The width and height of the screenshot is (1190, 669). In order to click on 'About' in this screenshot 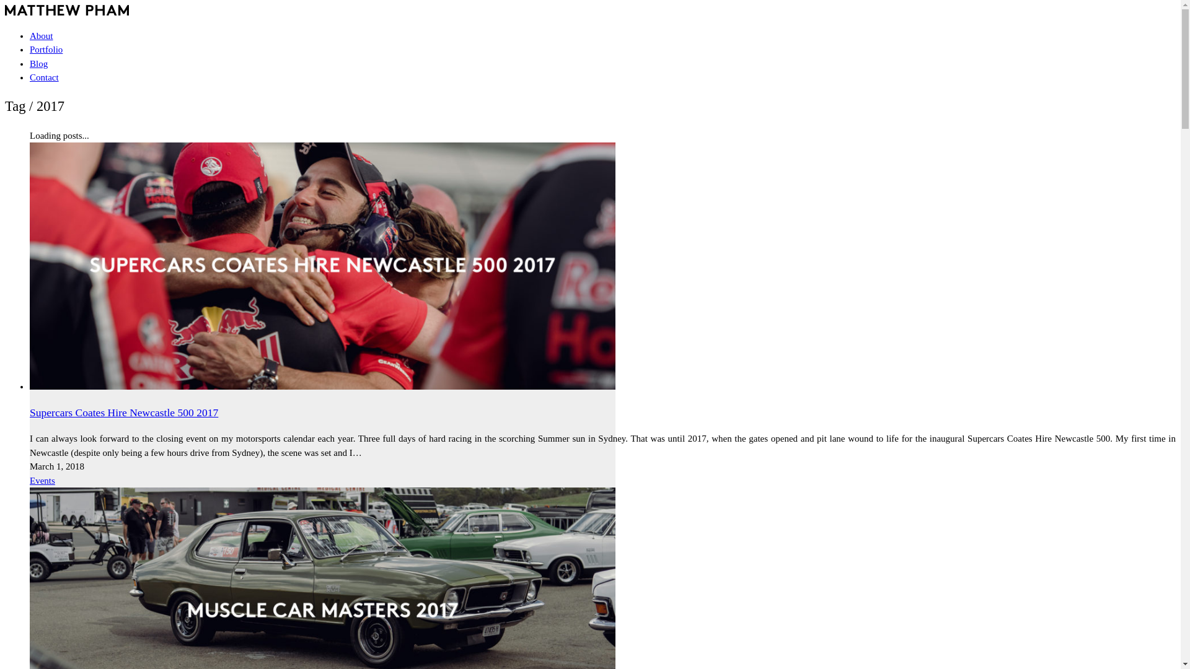, I will do `click(42, 35)`.